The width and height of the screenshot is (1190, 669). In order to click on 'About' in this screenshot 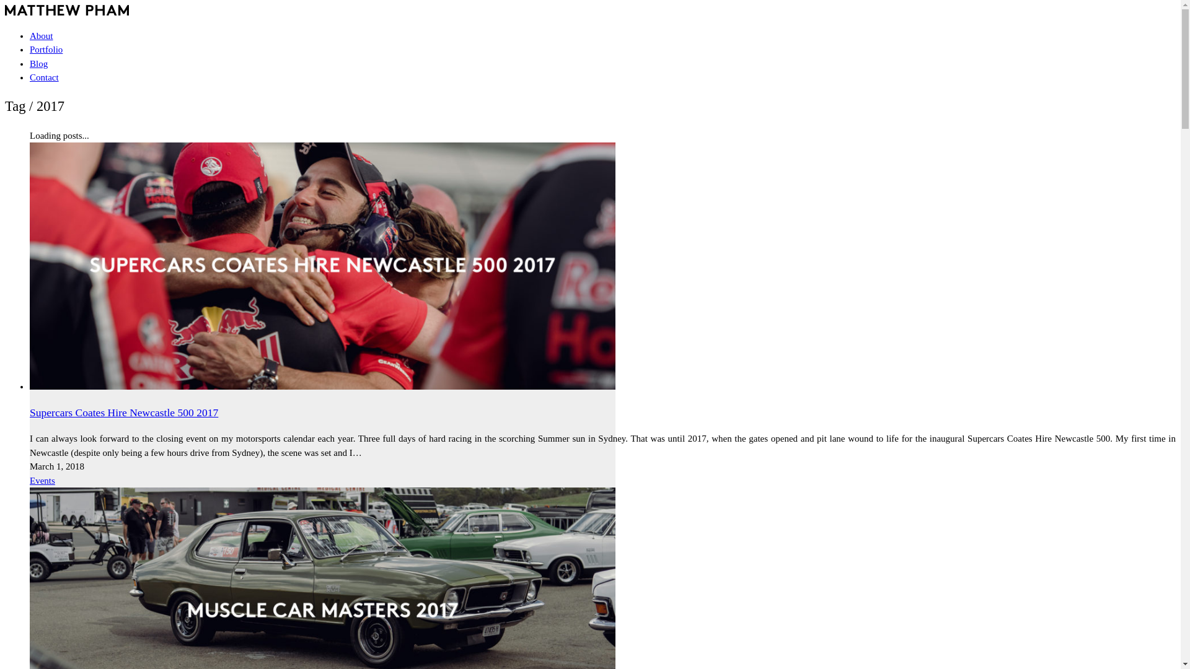, I will do `click(42, 35)`.